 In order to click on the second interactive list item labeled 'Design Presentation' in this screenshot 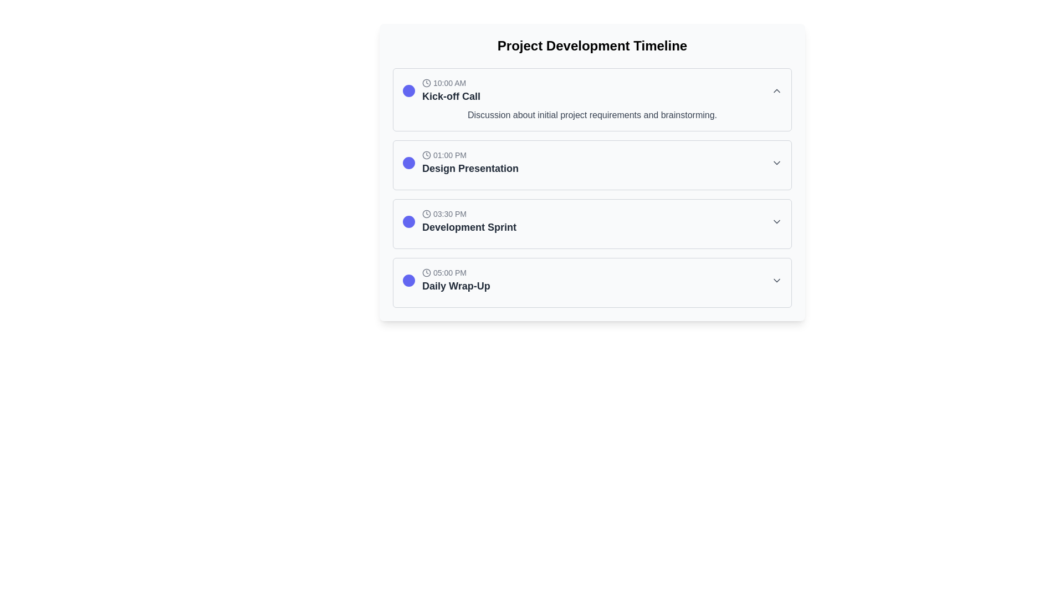, I will do `click(592, 165)`.